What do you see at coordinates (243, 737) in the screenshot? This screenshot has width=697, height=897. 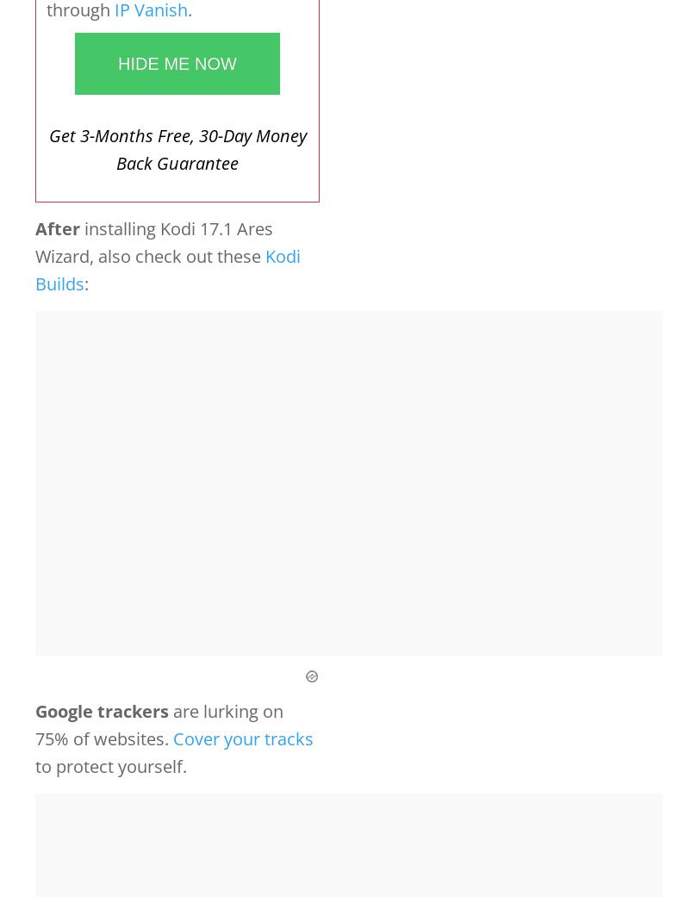 I see `'Cover your tracks'` at bounding box center [243, 737].